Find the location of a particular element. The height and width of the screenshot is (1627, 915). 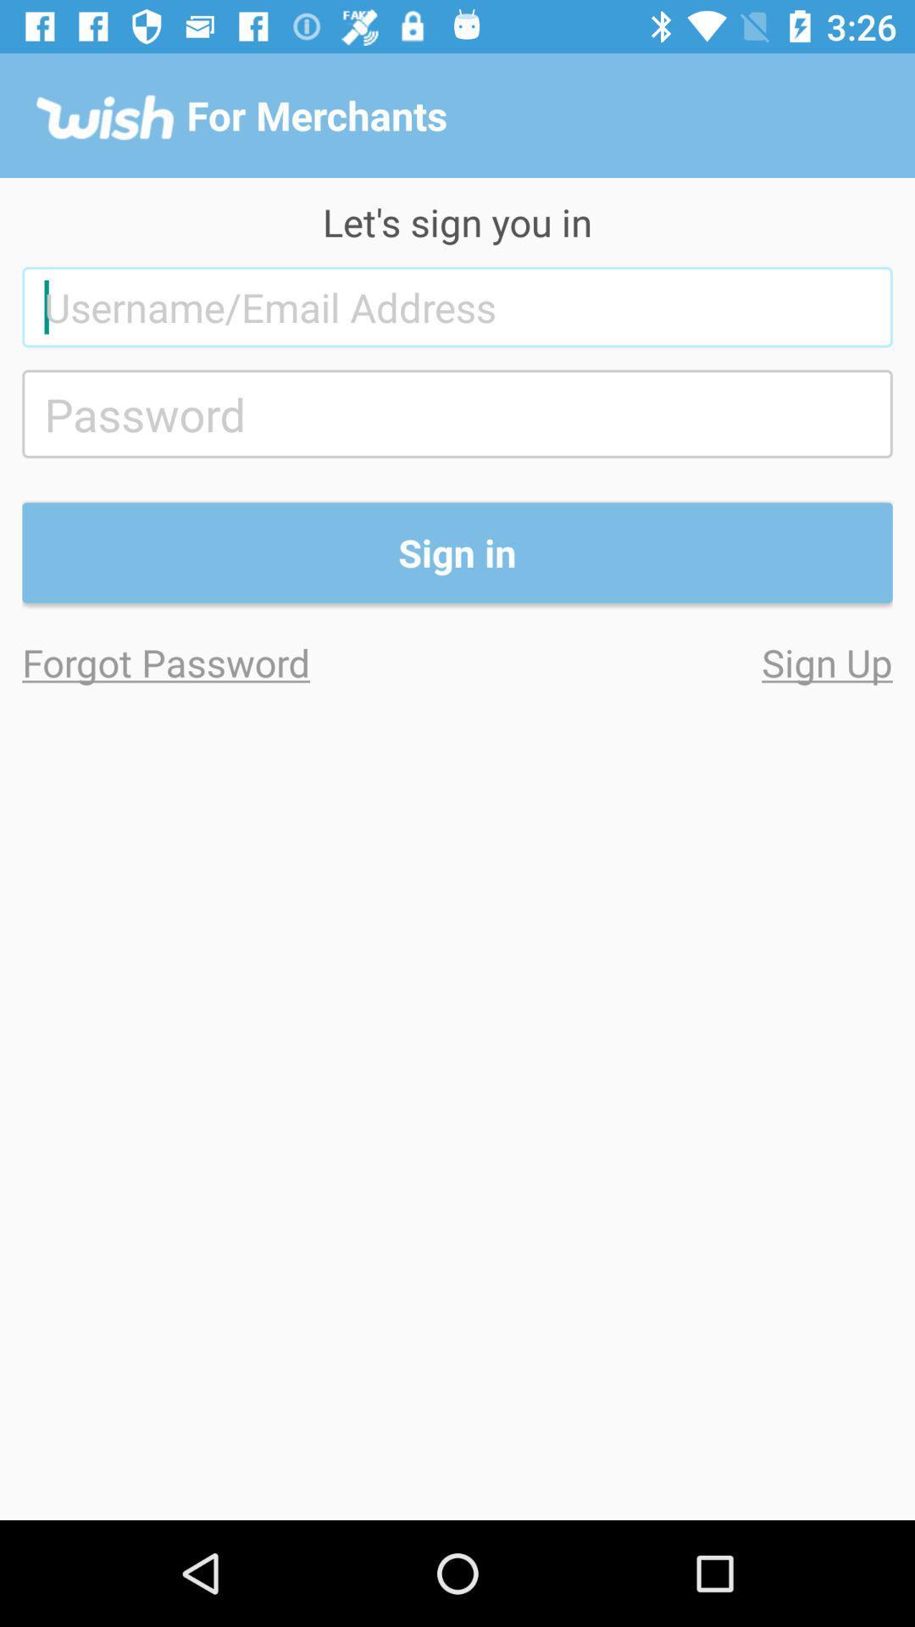

the sign up icon is located at coordinates (674, 661).